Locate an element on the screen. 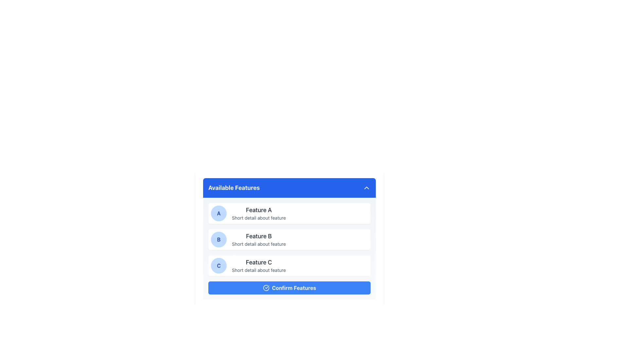 The height and width of the screenshot is (353, 628). text label that says 'Short detail about feature,' located beneath the title 'Feature B' in the 'Available Features' list is located at coordinates (258, 244).